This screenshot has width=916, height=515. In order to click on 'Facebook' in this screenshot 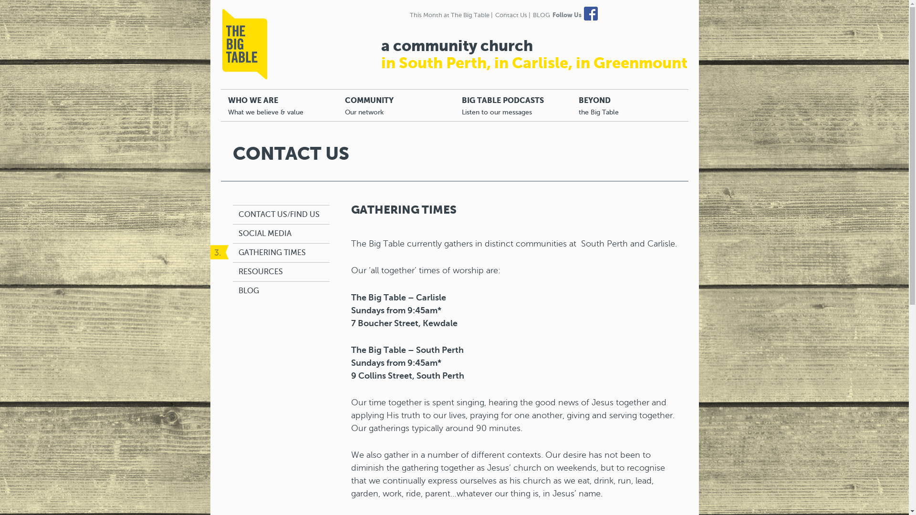, I will do `click(590, 14)`.